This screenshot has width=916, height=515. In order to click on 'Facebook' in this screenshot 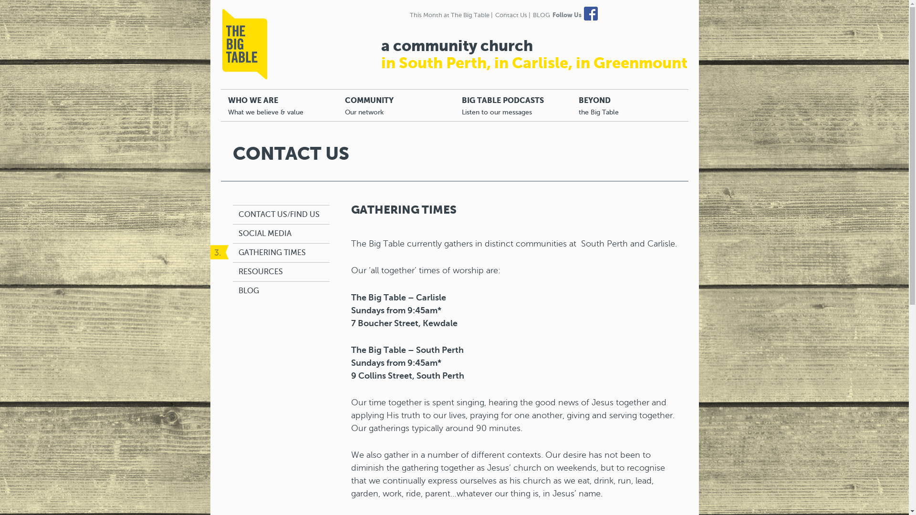, I will do `click(590, 14)`.